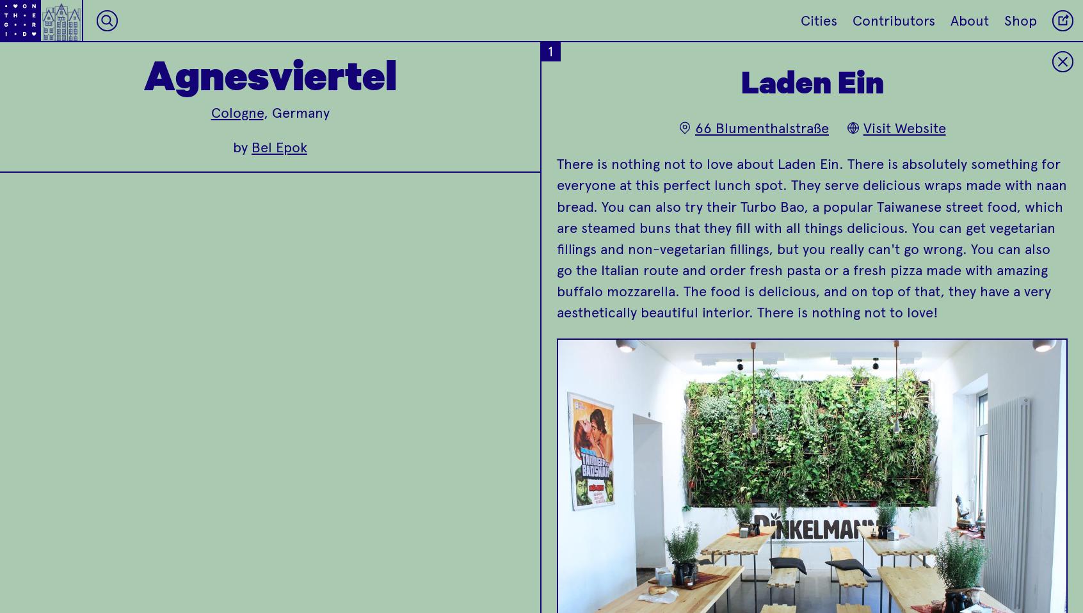  I want to click on 'Always make sure you leave room for dessert because you won't want to miss out on their freshly baked cakes!', so click(636, 474).